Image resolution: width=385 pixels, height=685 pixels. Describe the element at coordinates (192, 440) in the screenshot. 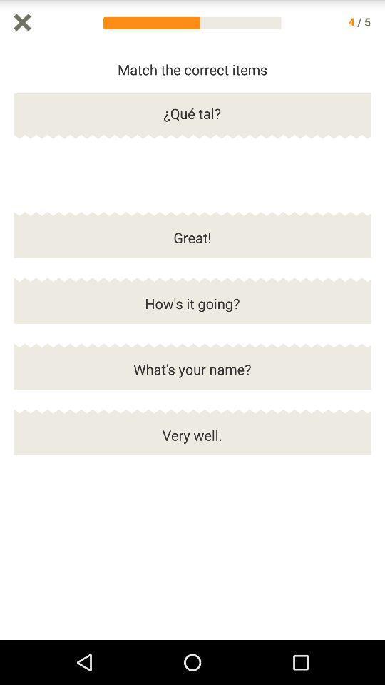

I see `the very well text` at that location.